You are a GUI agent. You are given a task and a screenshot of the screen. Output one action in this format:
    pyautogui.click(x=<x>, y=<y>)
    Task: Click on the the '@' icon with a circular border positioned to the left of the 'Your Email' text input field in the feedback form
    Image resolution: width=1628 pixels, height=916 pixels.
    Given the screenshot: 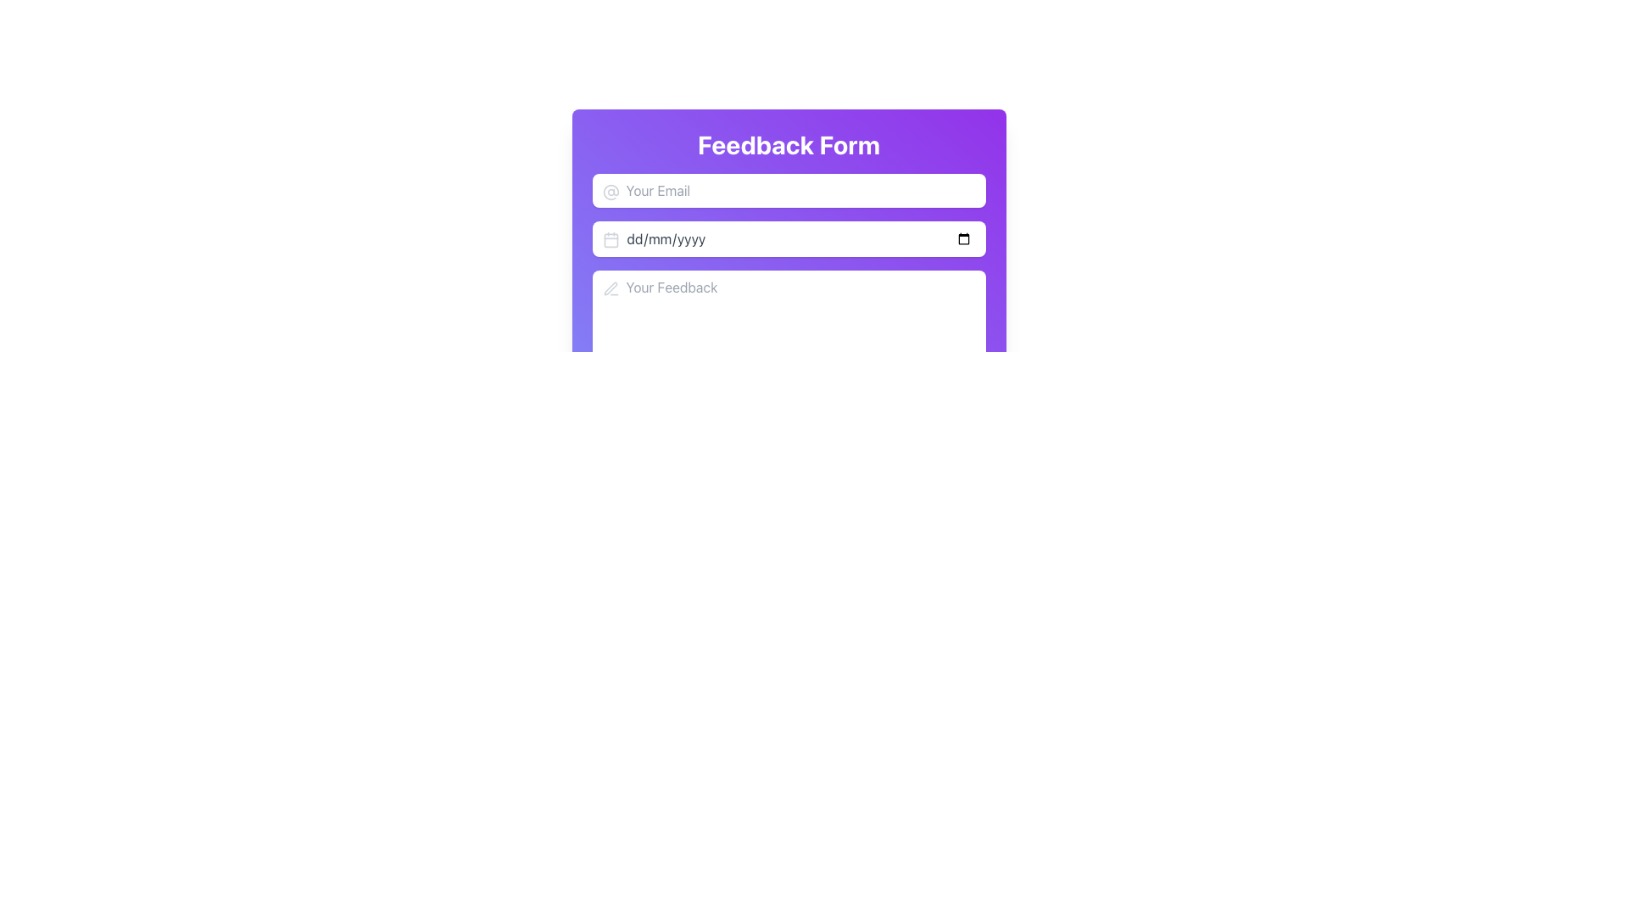 What is the action you would take?
    pyautogui.click(x=610, y=192)
    